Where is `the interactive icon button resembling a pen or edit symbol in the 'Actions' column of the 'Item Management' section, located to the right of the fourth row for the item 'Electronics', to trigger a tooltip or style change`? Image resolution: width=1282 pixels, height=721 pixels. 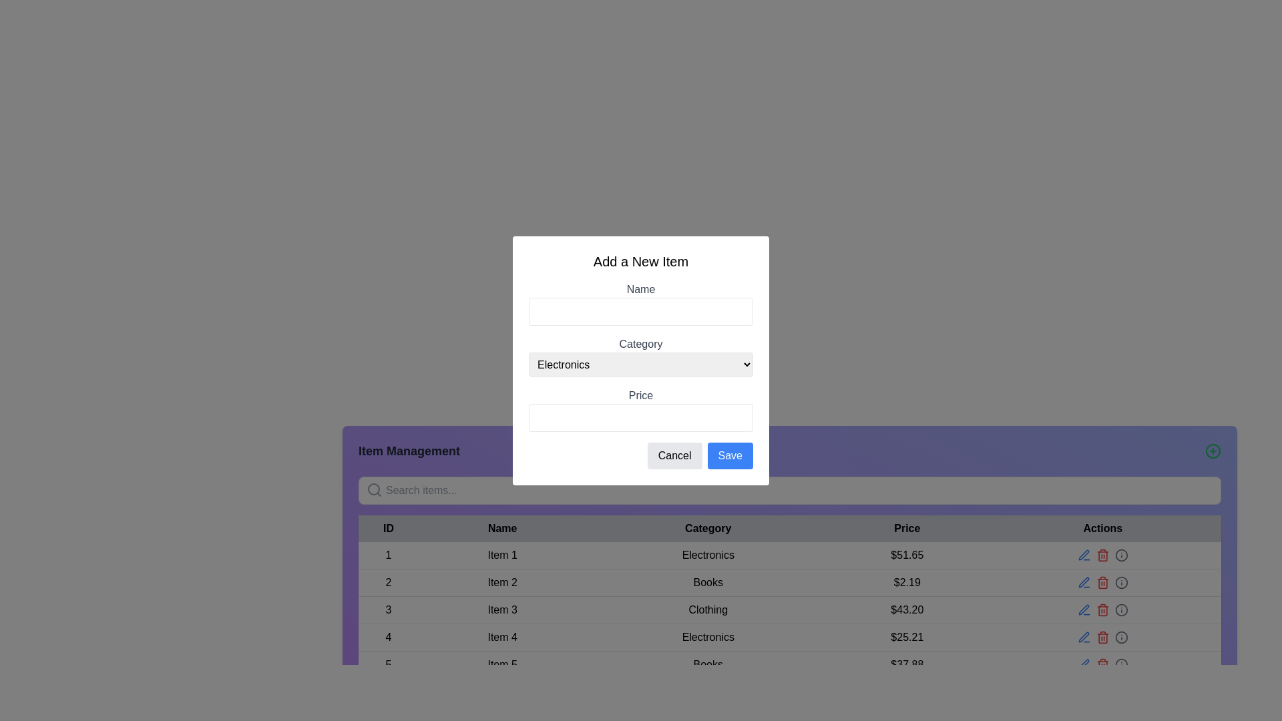
the interactive icon button resembling a pen or edit symbol in the 'Actions' column of the 'Item Management' section, located to the right of the fourth row for the item 'Electronics', to trigger a tooltip or style change is located at coordinates (1084, 555).